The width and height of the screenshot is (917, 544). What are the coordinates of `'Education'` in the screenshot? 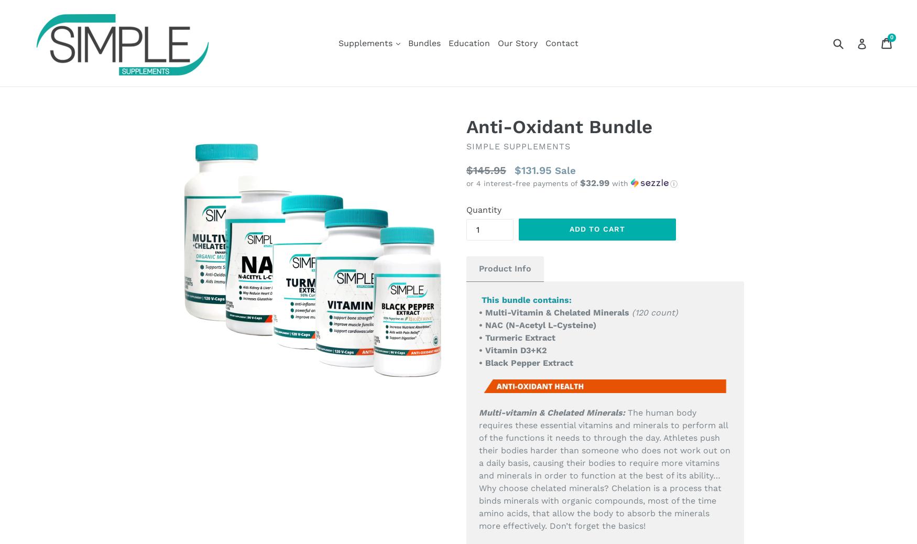 It's located at (468, 42).